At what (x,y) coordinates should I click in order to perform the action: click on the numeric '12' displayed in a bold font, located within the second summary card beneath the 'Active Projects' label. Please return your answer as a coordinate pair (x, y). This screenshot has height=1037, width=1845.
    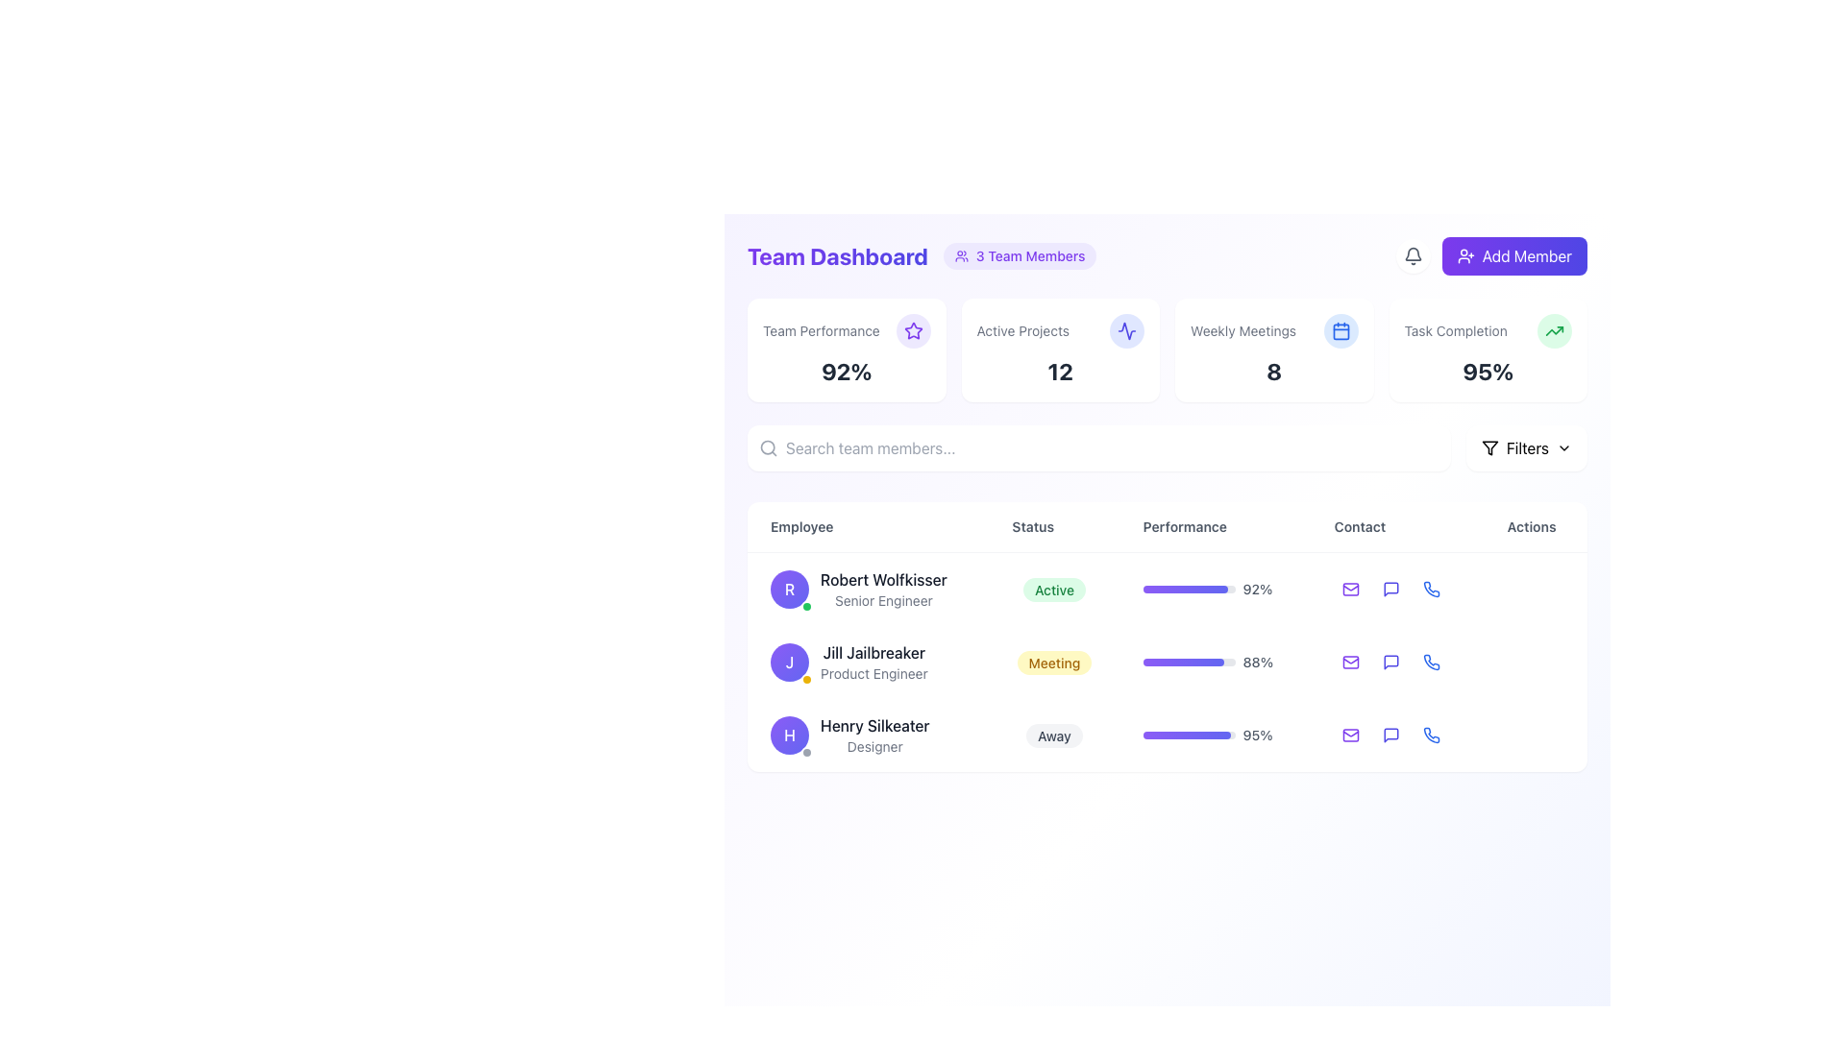
    Looking at the image, I should click on (1059, 371).